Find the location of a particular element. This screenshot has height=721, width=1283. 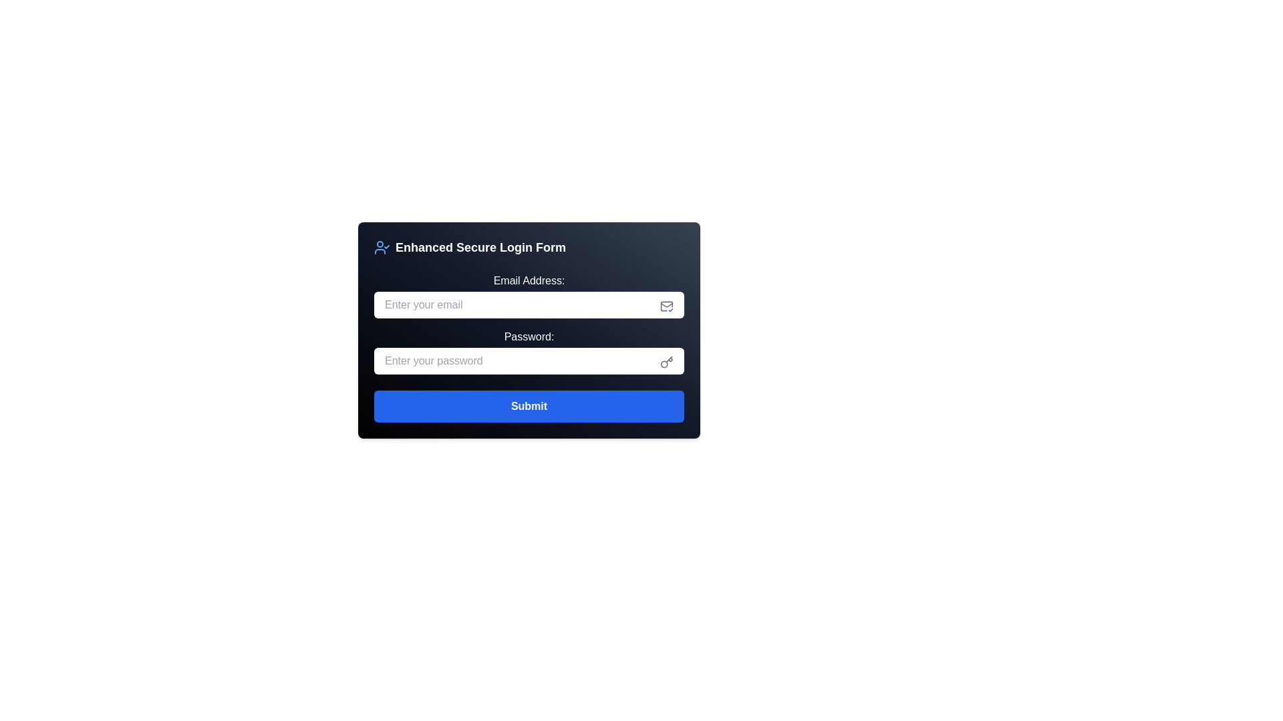

the key icon button located at the far right of the 'Password:' field is located at coordinates (667, 363).